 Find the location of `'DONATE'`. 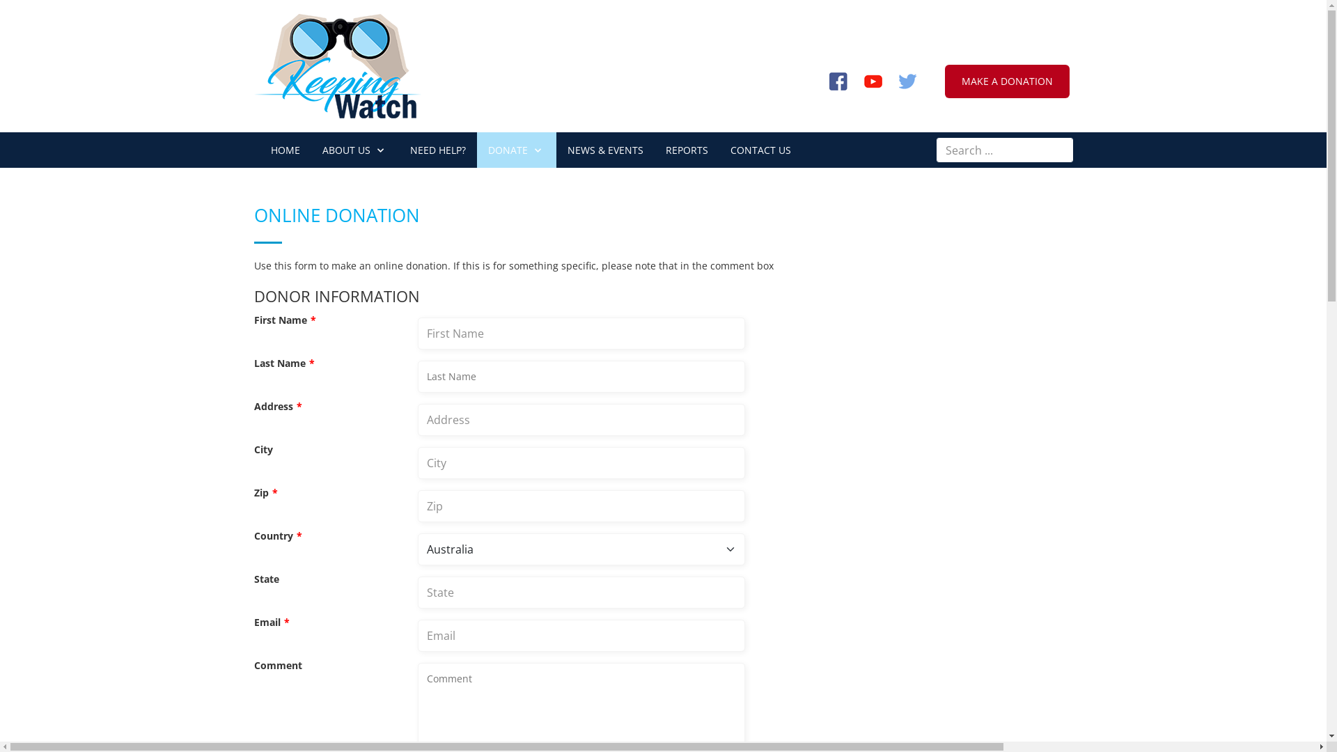

'DONATE' is located at coordinates (515, 150).